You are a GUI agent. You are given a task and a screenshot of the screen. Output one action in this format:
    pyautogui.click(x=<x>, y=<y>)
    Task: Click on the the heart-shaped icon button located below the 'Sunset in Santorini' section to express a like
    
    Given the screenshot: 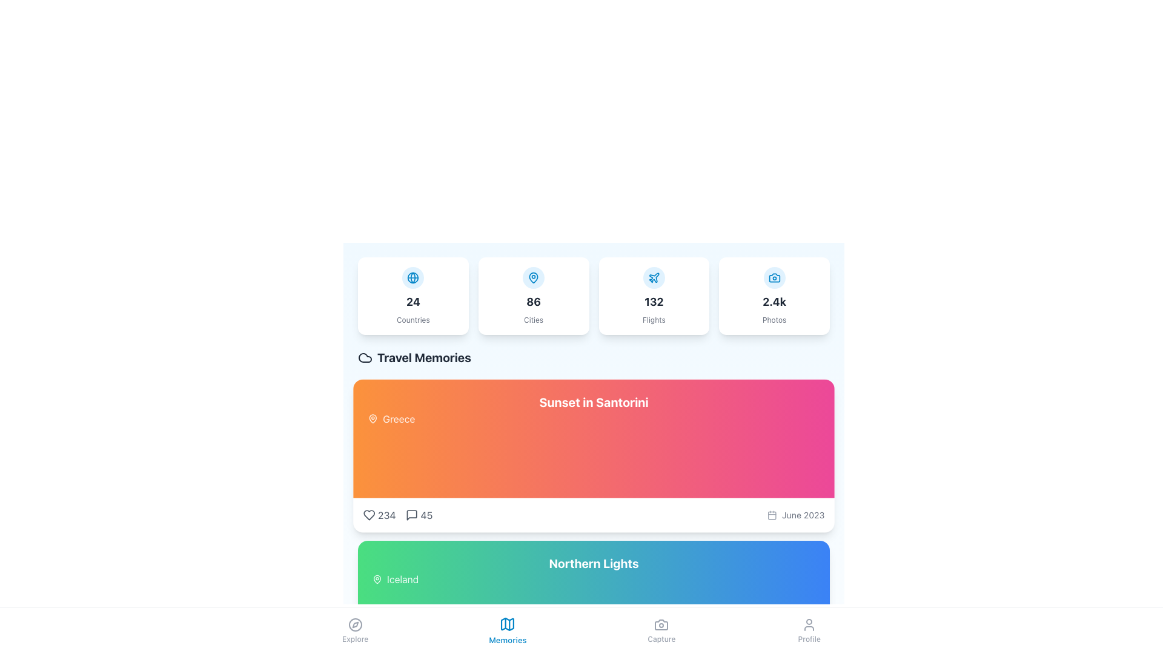 What is the action you would take?
    pyautogui.click(x=368, y=515)
    